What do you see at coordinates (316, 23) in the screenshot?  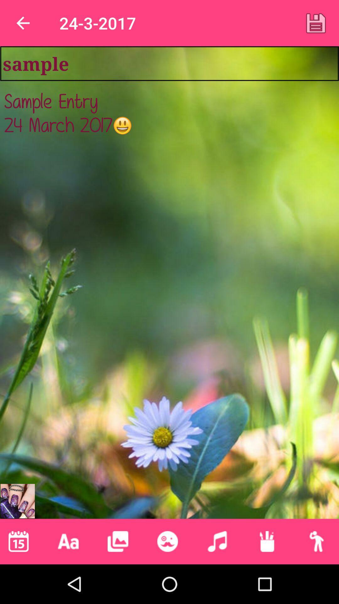 I see `item to the right of 24-3-2017` at bounding box center [316, 23].